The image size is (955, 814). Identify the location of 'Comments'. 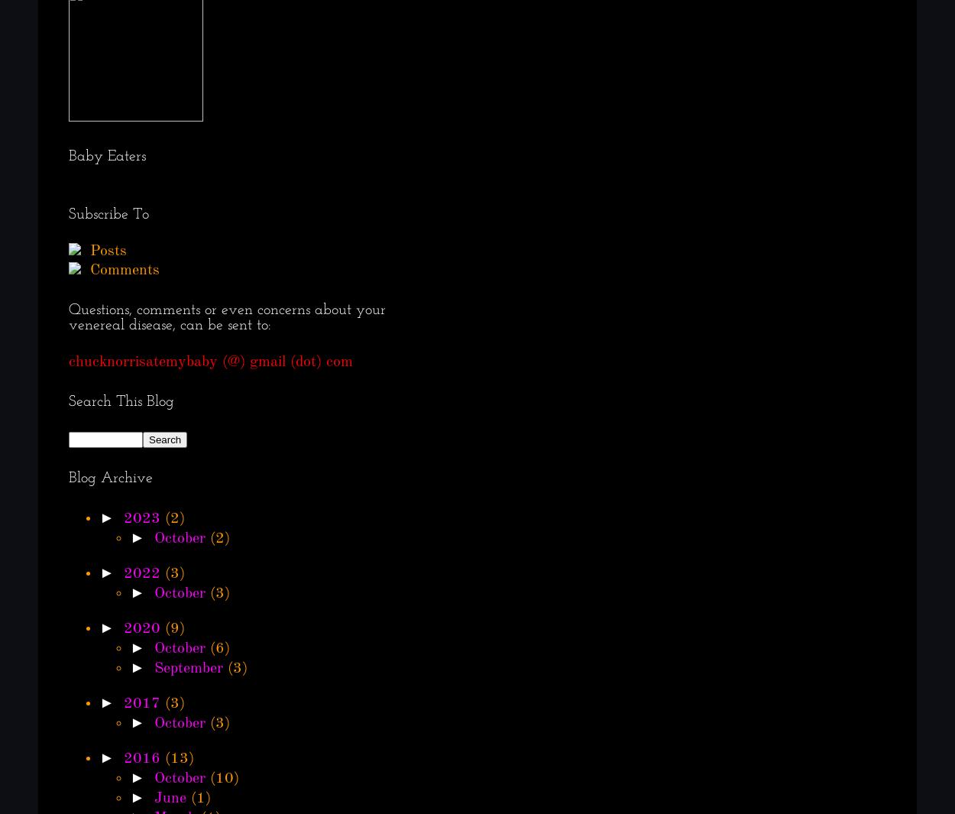
(85, 270).